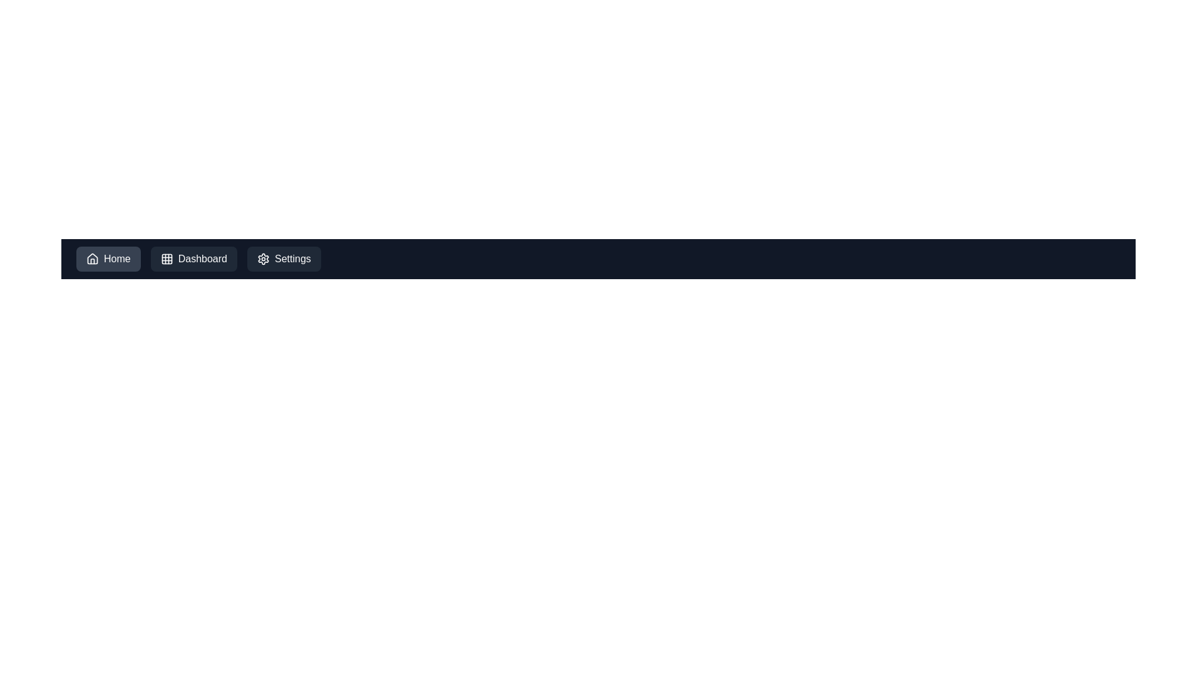 The width and height of the screenshot is (1202, 676). I want to click on the settings button located as the third button from the left in the horizontal navigation bar, so click(283, 258).